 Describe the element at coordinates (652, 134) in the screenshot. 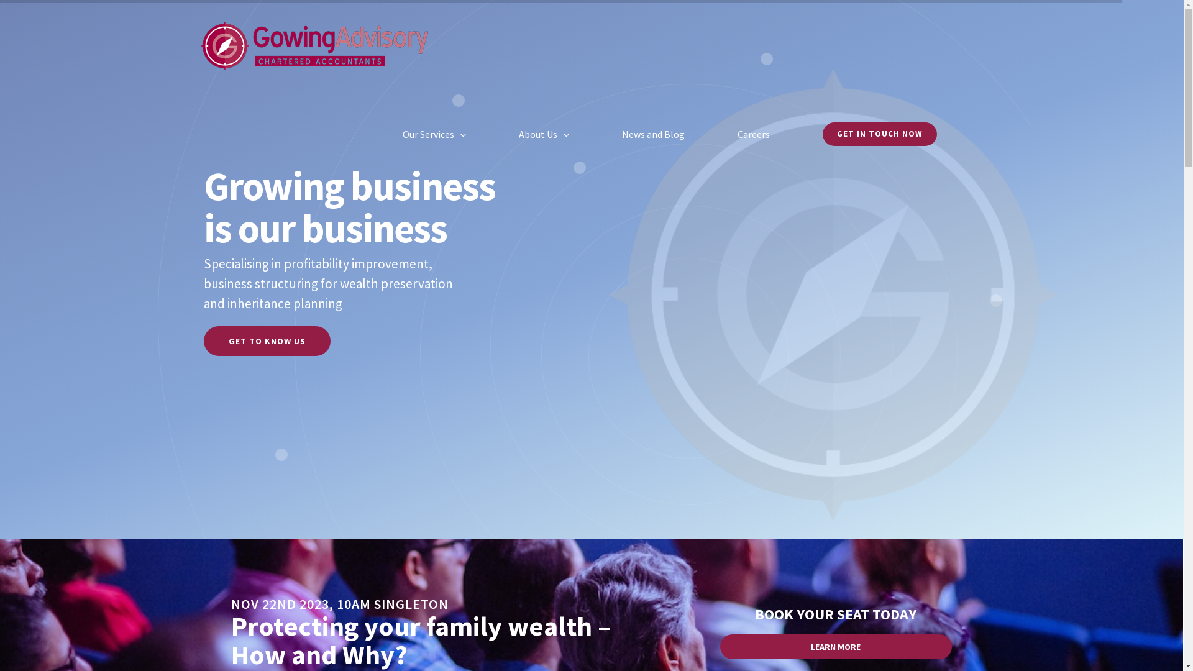

I see `'News and Blog'` at that location.